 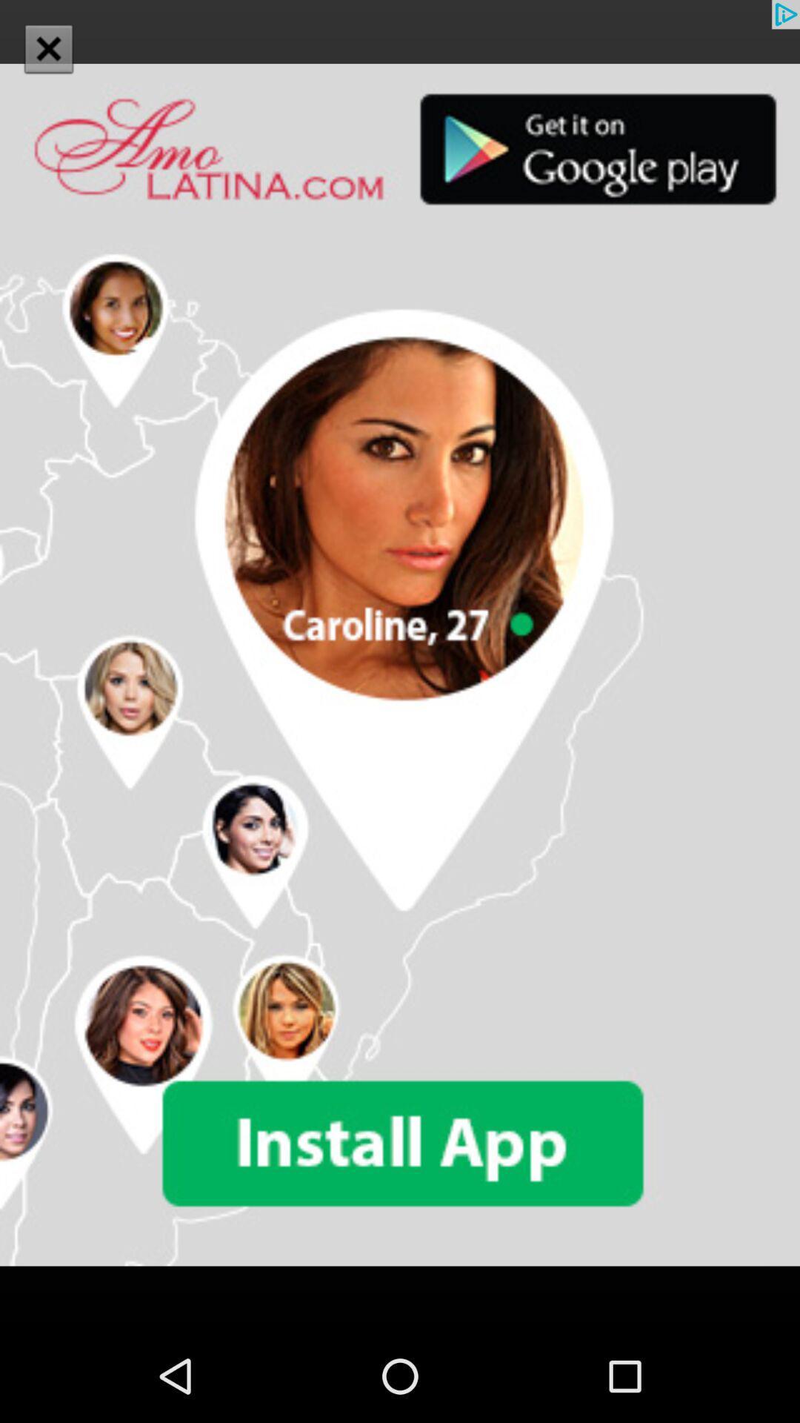 I want to click on the close icon, so click(x=47, y=52).